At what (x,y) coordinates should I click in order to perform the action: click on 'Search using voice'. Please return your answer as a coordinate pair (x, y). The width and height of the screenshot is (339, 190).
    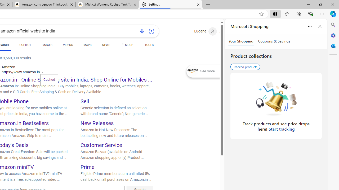
    Looking at the image, I should click on (142, 31).